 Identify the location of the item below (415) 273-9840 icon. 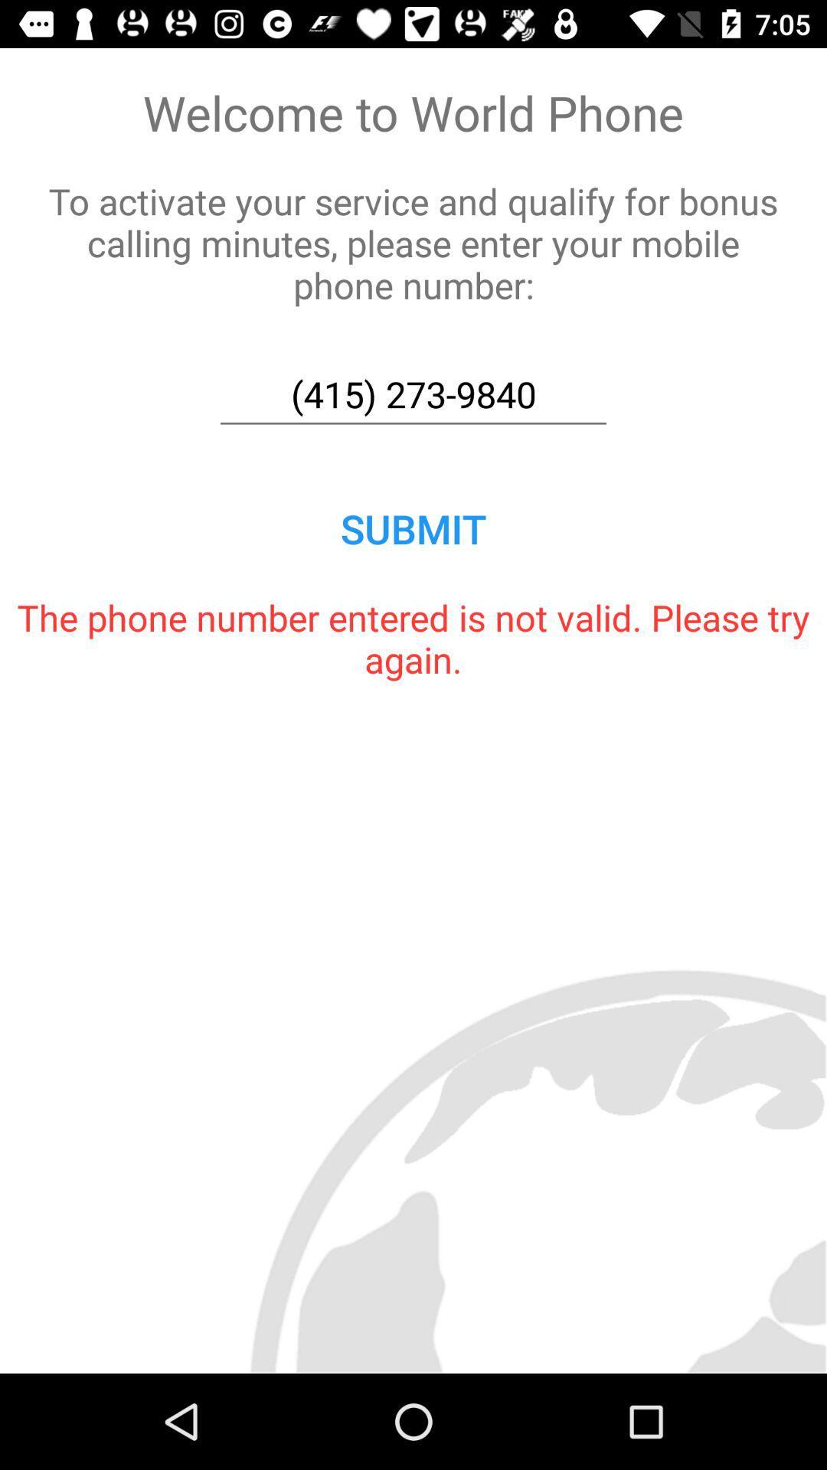
(413, 528).